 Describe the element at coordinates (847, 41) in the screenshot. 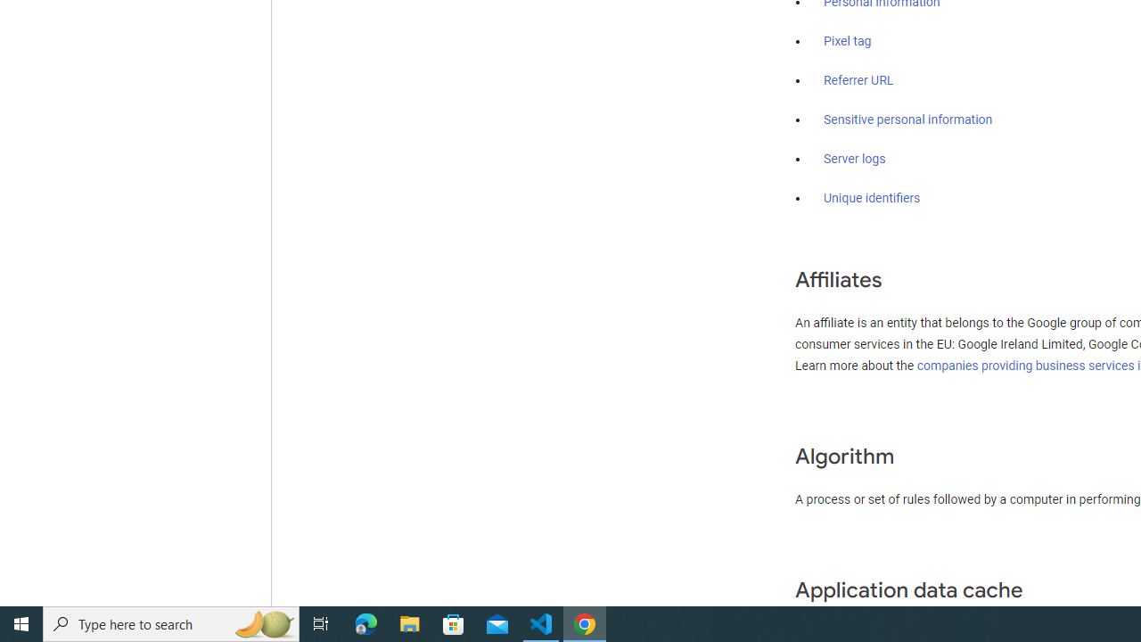

I see `'Pixel tag'` at that location.